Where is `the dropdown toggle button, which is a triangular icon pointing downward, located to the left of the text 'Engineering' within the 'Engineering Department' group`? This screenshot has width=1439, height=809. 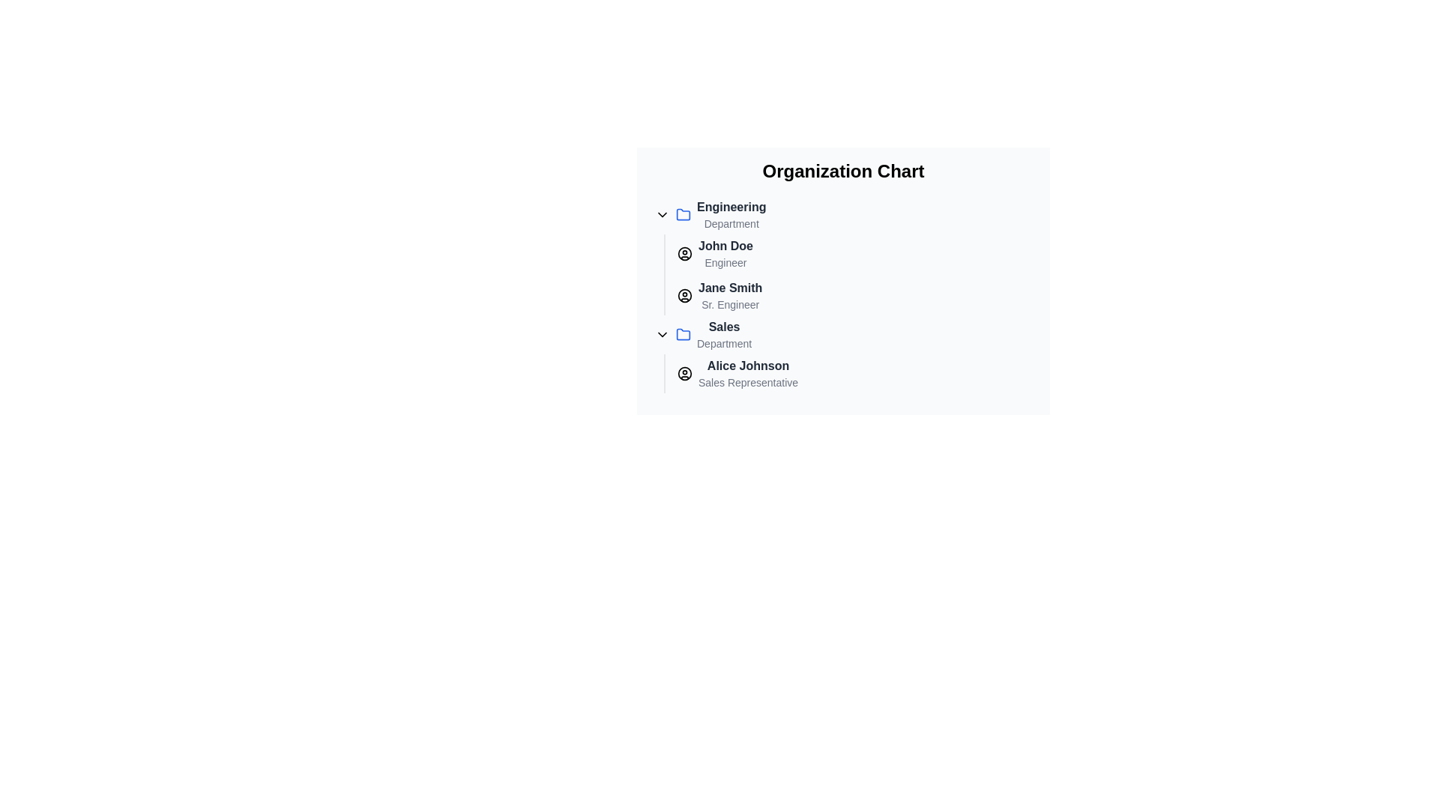
the dropdown toggle button, which is a triangular icon pointing downward, located to the left of the text 'Engineering' within the 'Engineering Department' group is located at coordinates (661, 214).